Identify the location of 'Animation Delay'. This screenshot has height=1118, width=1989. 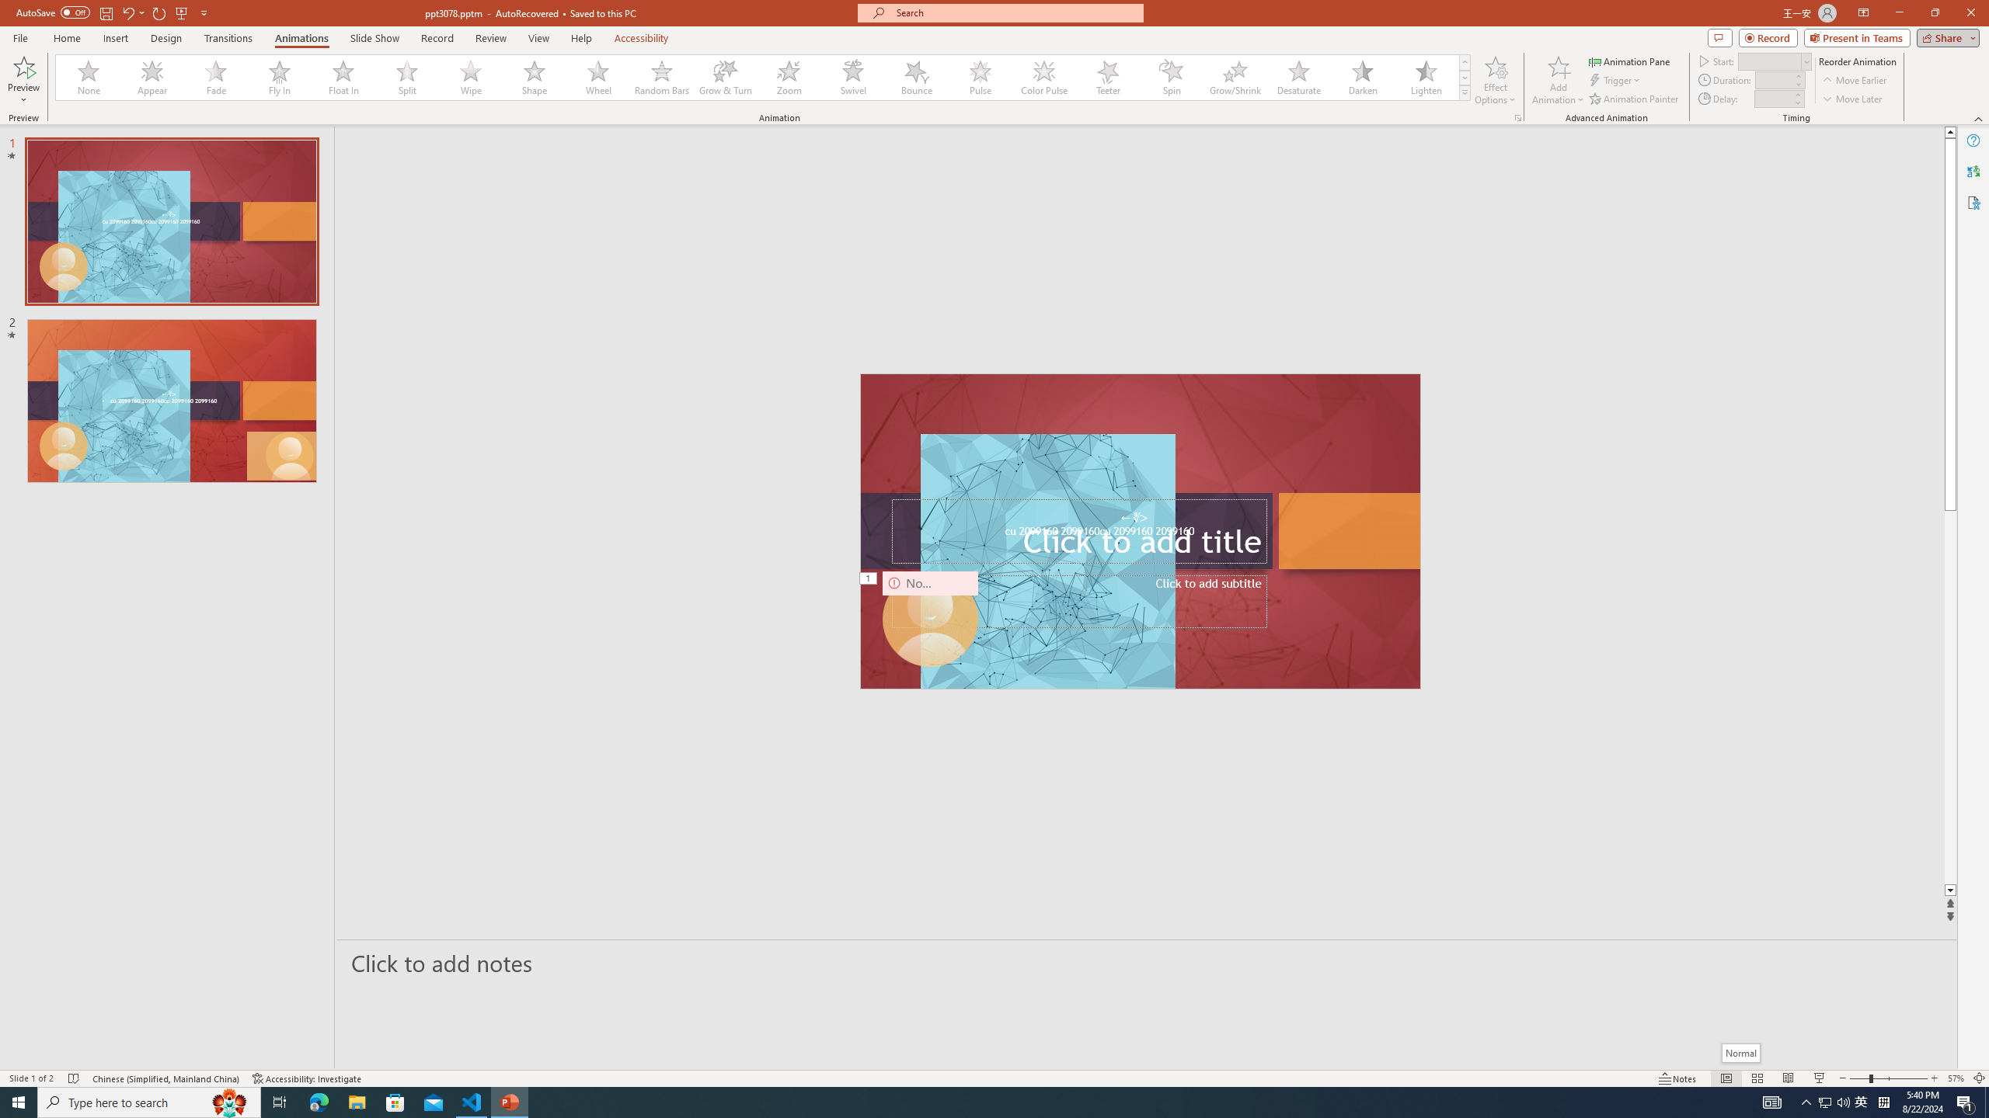
(1771, 98).